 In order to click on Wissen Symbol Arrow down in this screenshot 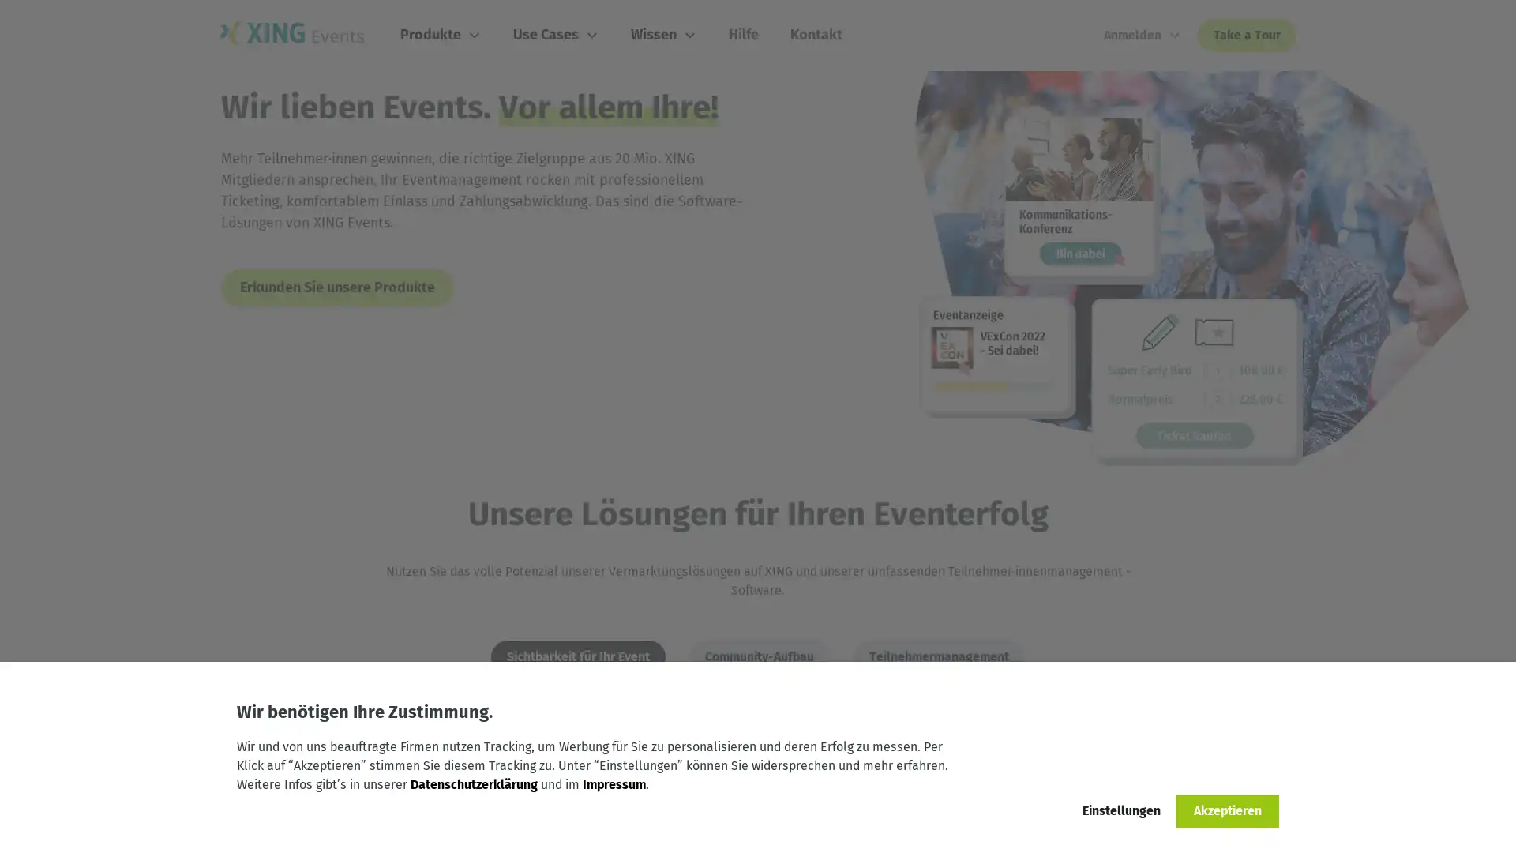, I will do `click(666, 35)`.